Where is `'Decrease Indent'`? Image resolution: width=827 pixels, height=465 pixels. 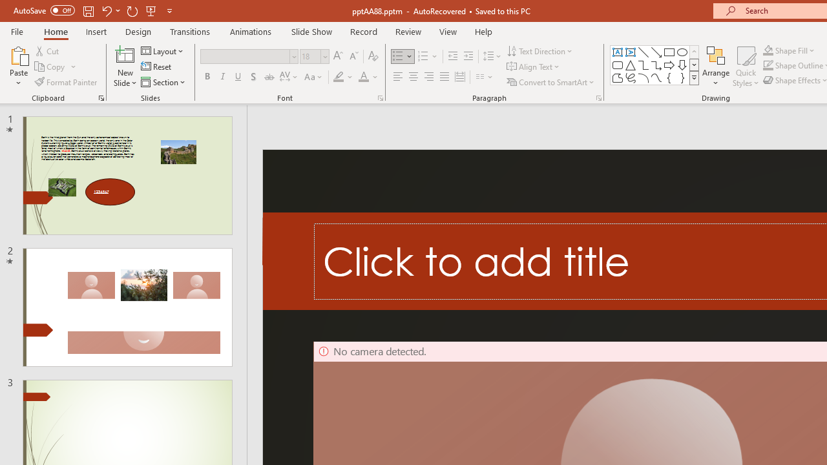 'Decrease Indent' is located at coordinates (452, 56).